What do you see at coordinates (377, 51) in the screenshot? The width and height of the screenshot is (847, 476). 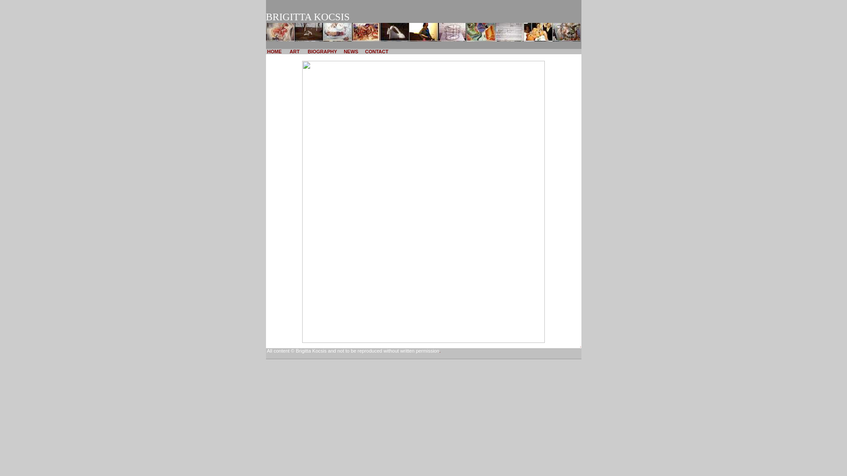 I see `'CONTACT '` at bounding box center [377, 51].